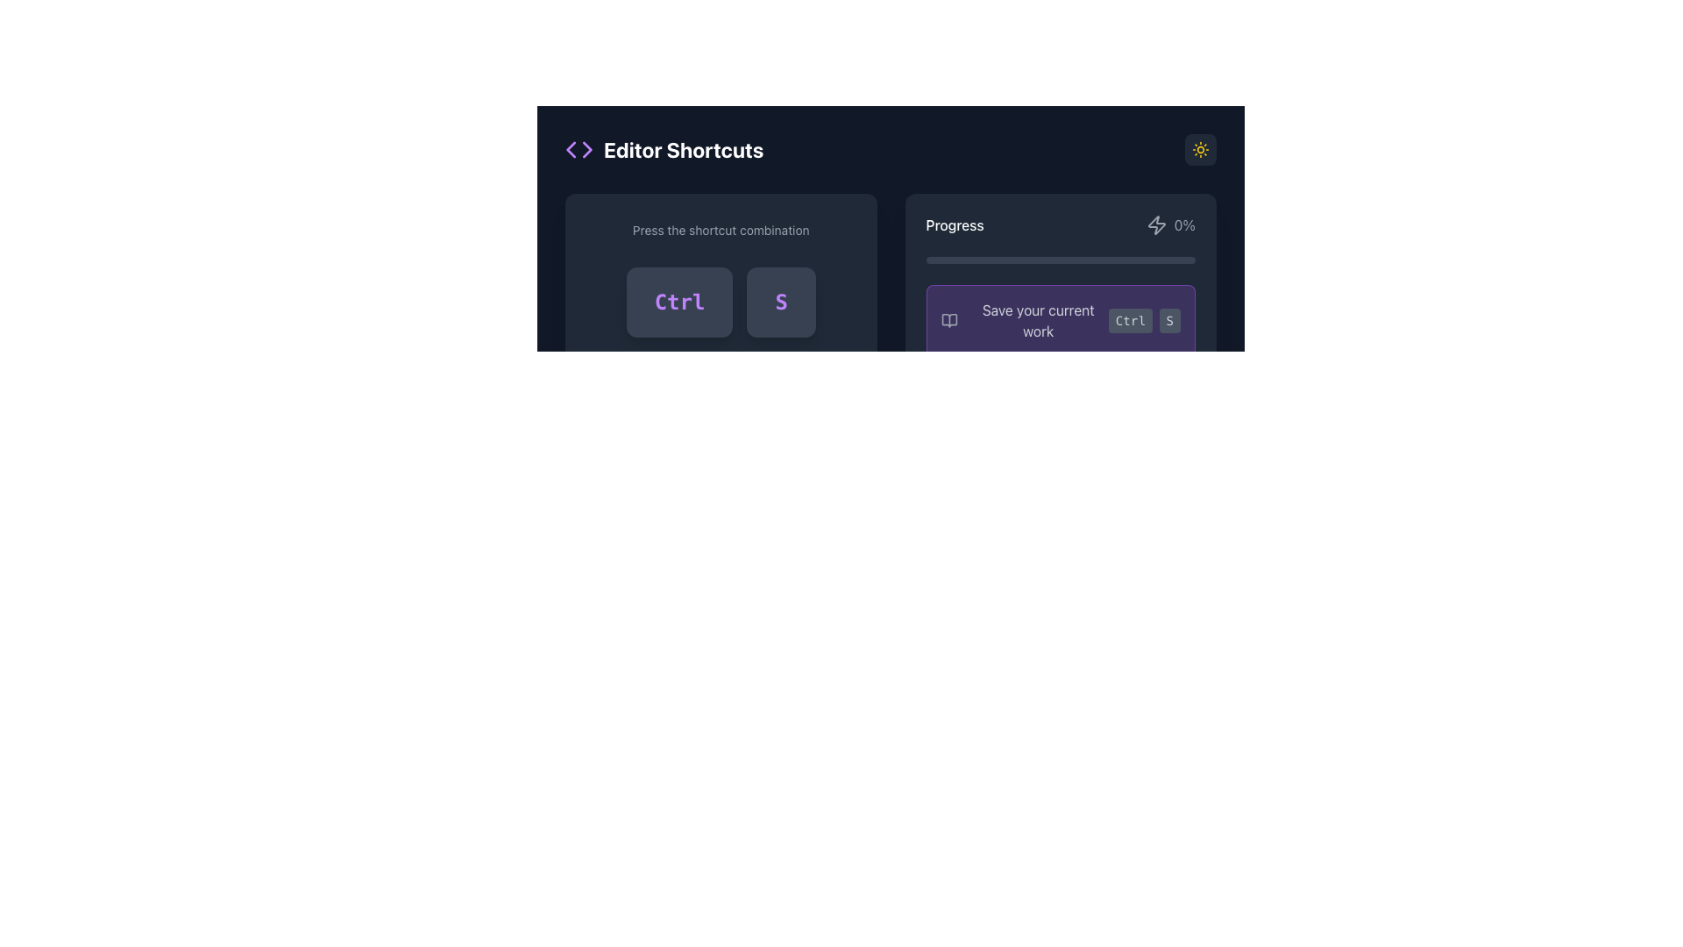  What do you see at coordinates (780, 301) in the screenshot?
I see `the content of the text label containing the character 'S' in a large, bold, monospaced font, which is styled in light purple within a rounded rectangular box with a dark gray background, positioned to the right of the box with 'Ctrl'` at bounding box center [780, 301].